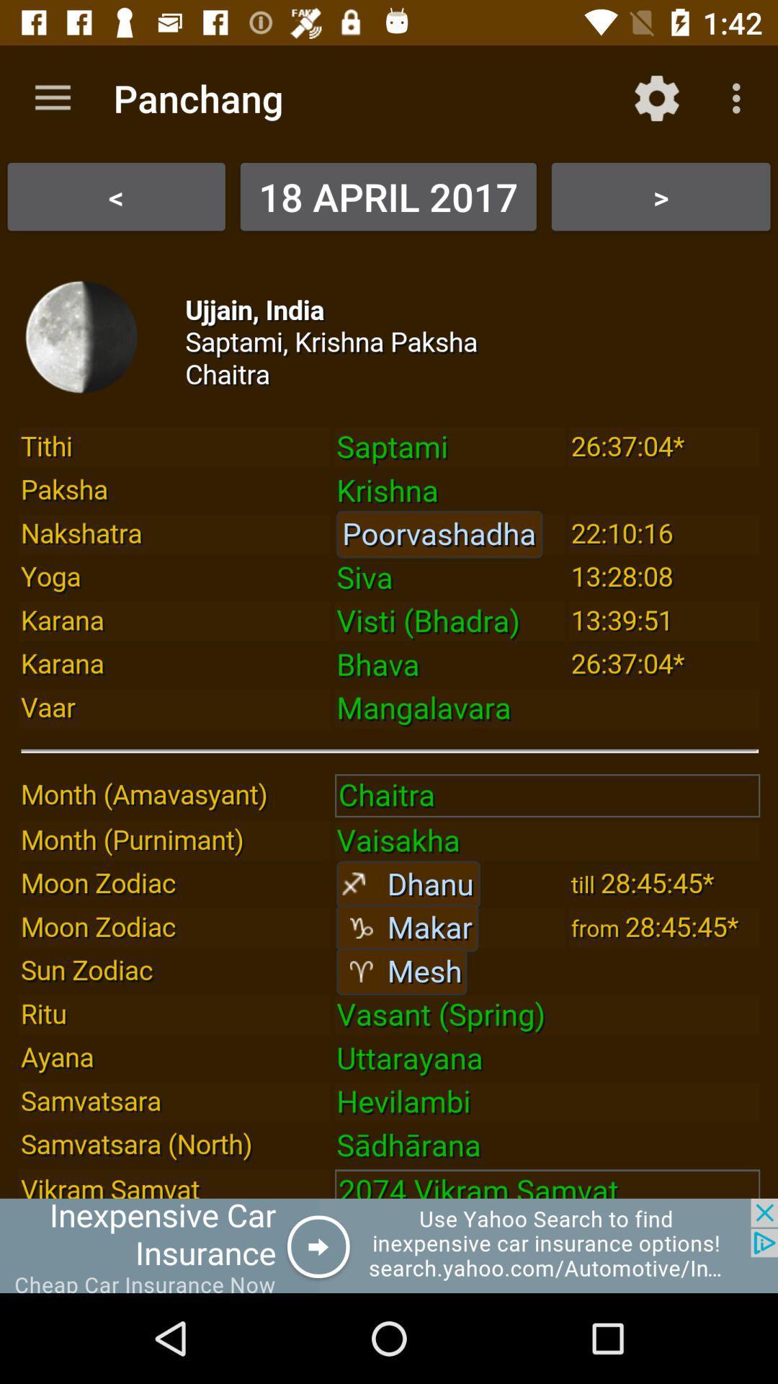  What do you see at coordinates (389, 720) in the screenshot?
I see `wheather page` at bounding box center [389, 720].